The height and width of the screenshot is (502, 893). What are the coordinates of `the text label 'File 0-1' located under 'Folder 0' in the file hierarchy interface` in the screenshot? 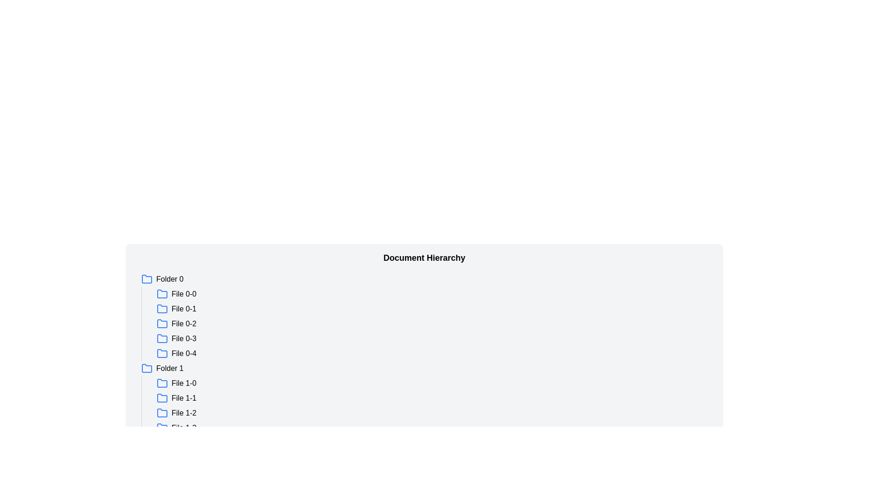 It's located at (184, 309).